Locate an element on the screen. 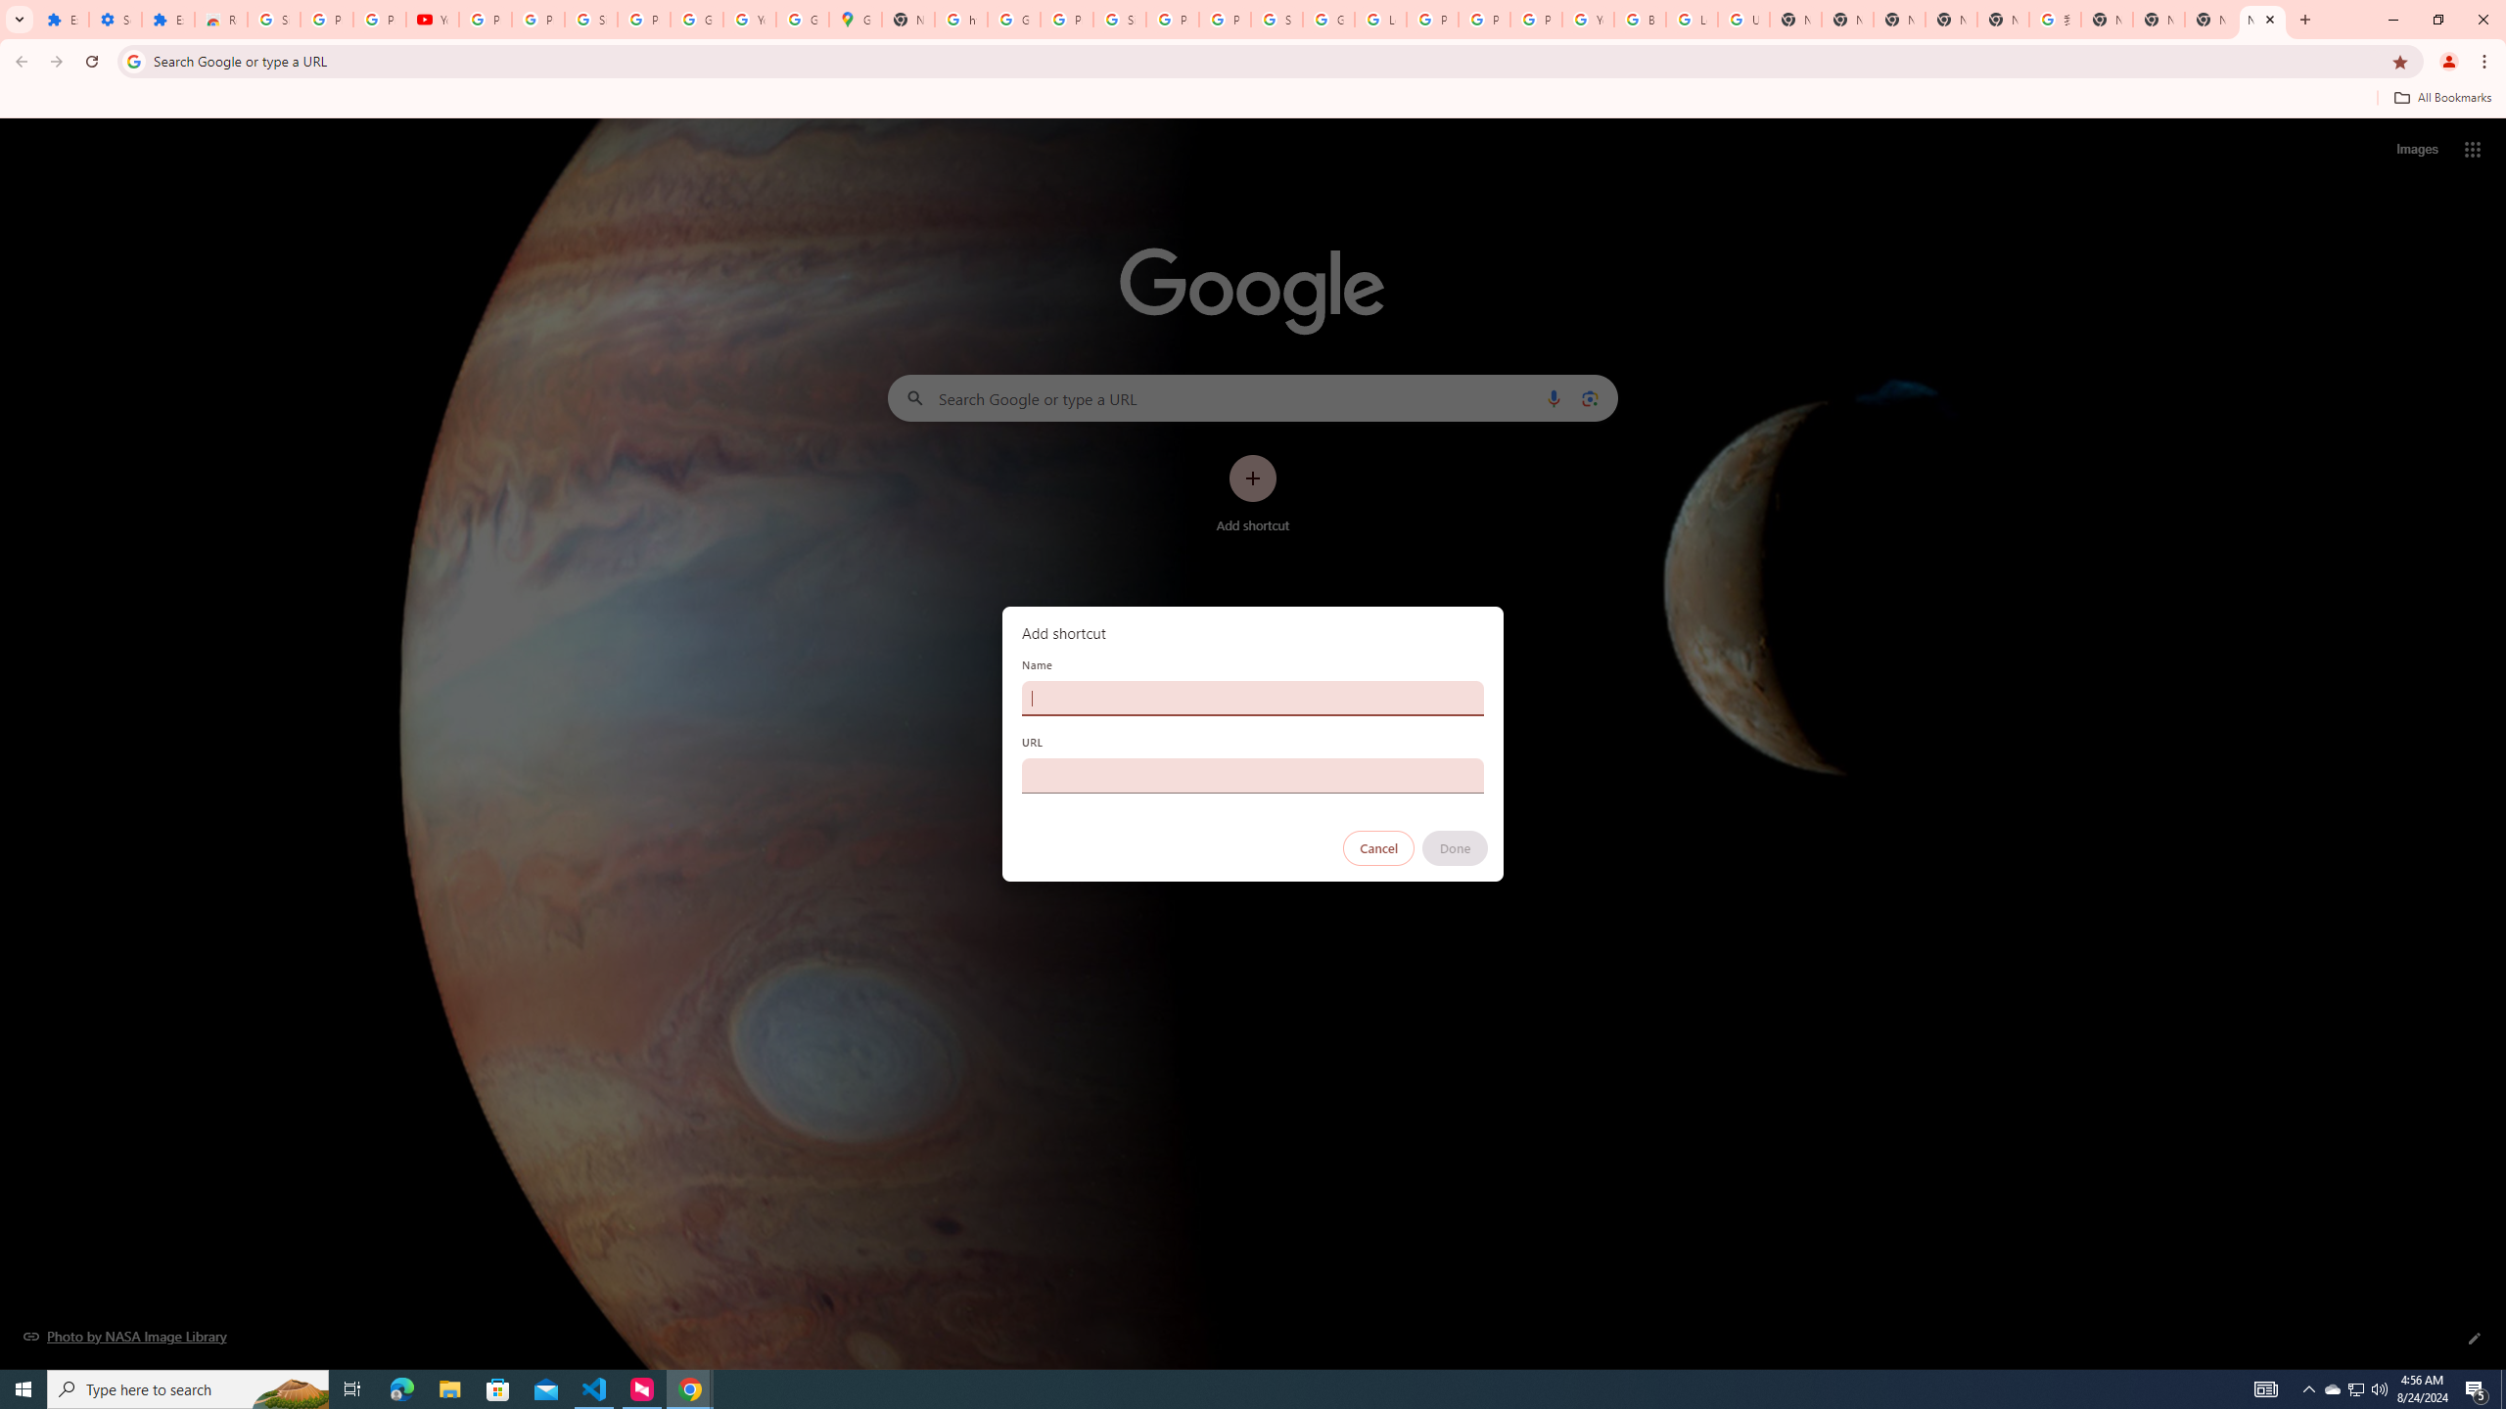  'Done' is located at coordinates (1456, 847).